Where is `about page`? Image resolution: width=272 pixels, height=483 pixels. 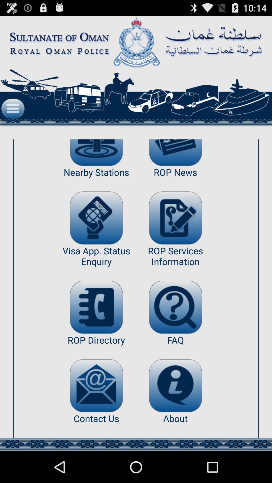 about page is located at coordinates (175, 385).